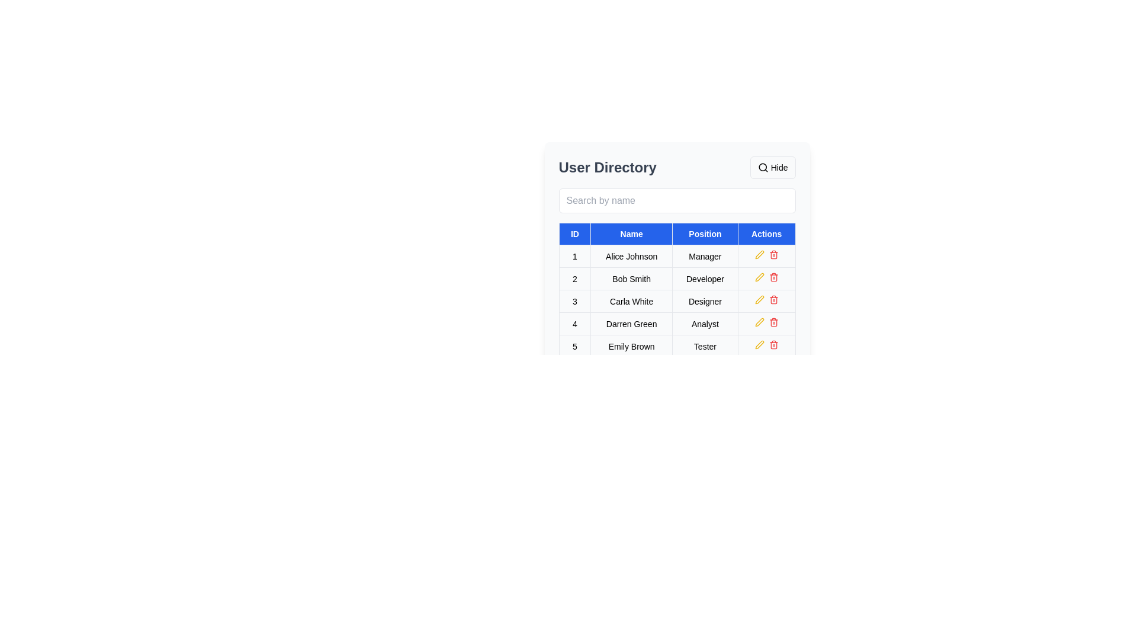  I want to click on the table cell displaying the ID number '3', located in the first column of the table, aligned with 'Carla White' and 'Designer' in the third row, so click(574, 300).